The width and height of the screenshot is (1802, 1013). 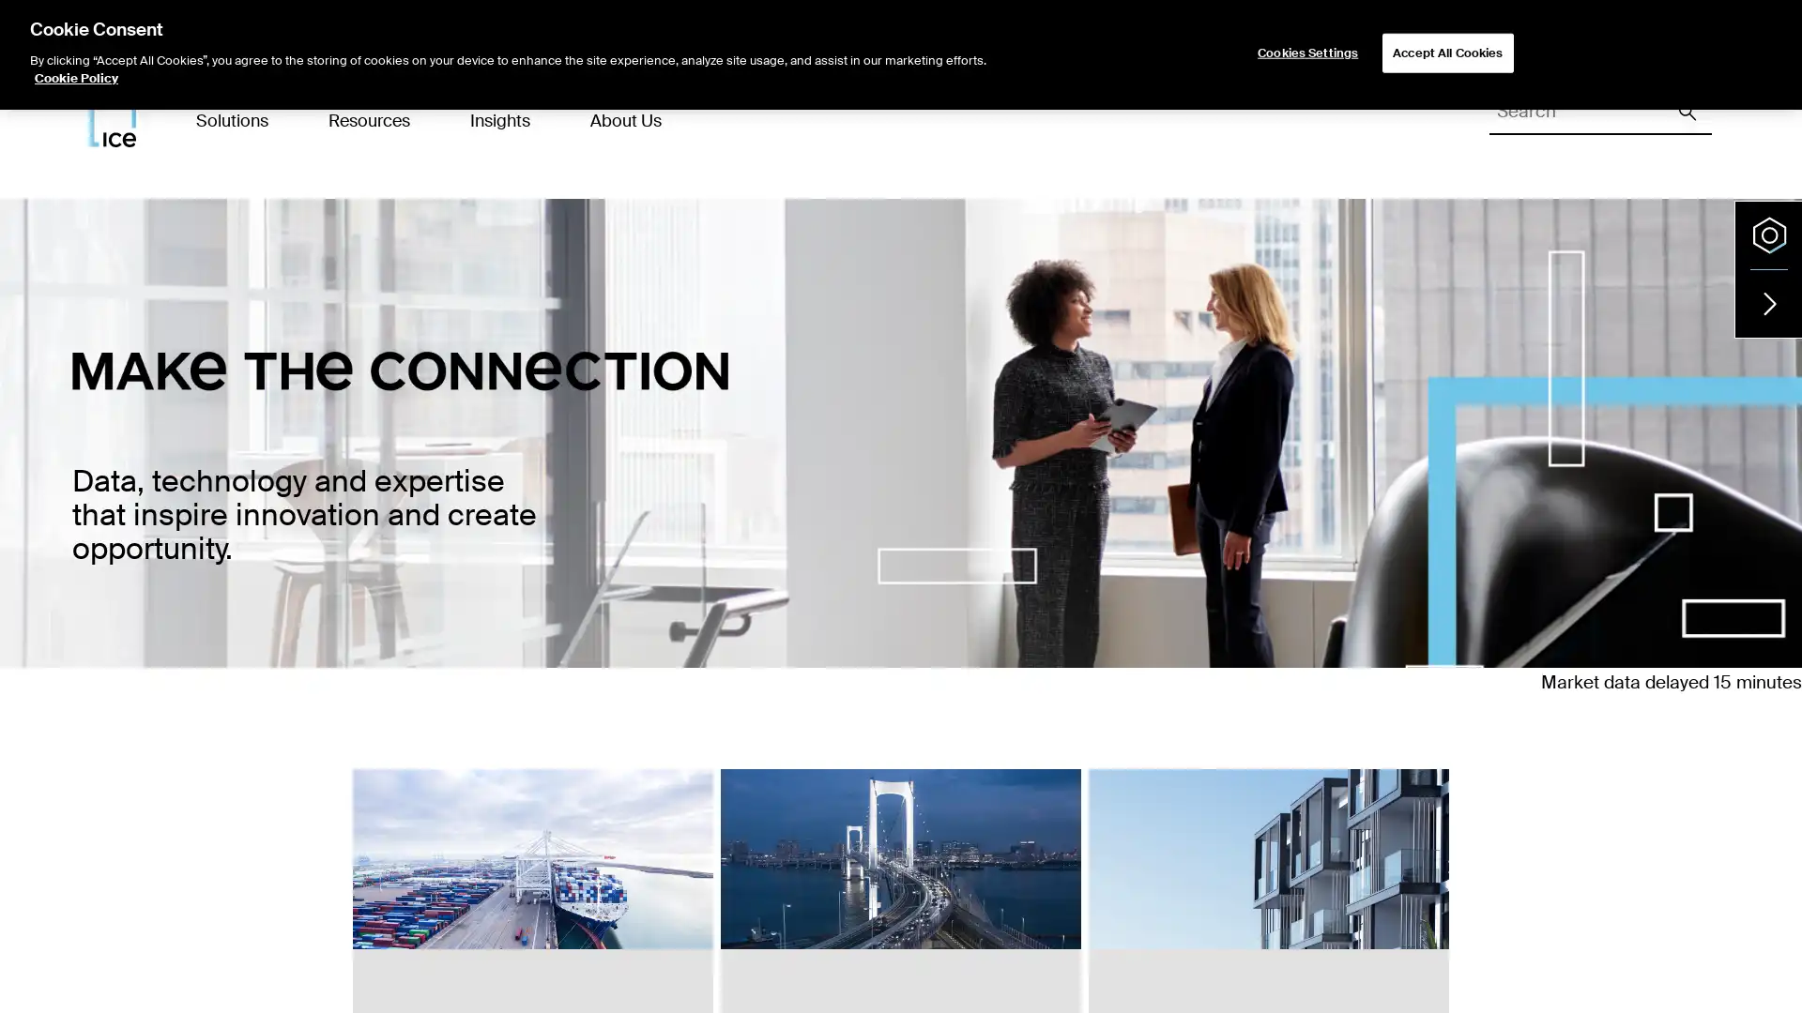 I want to click on Accept All Cookies, so click(x=1446, y=52).